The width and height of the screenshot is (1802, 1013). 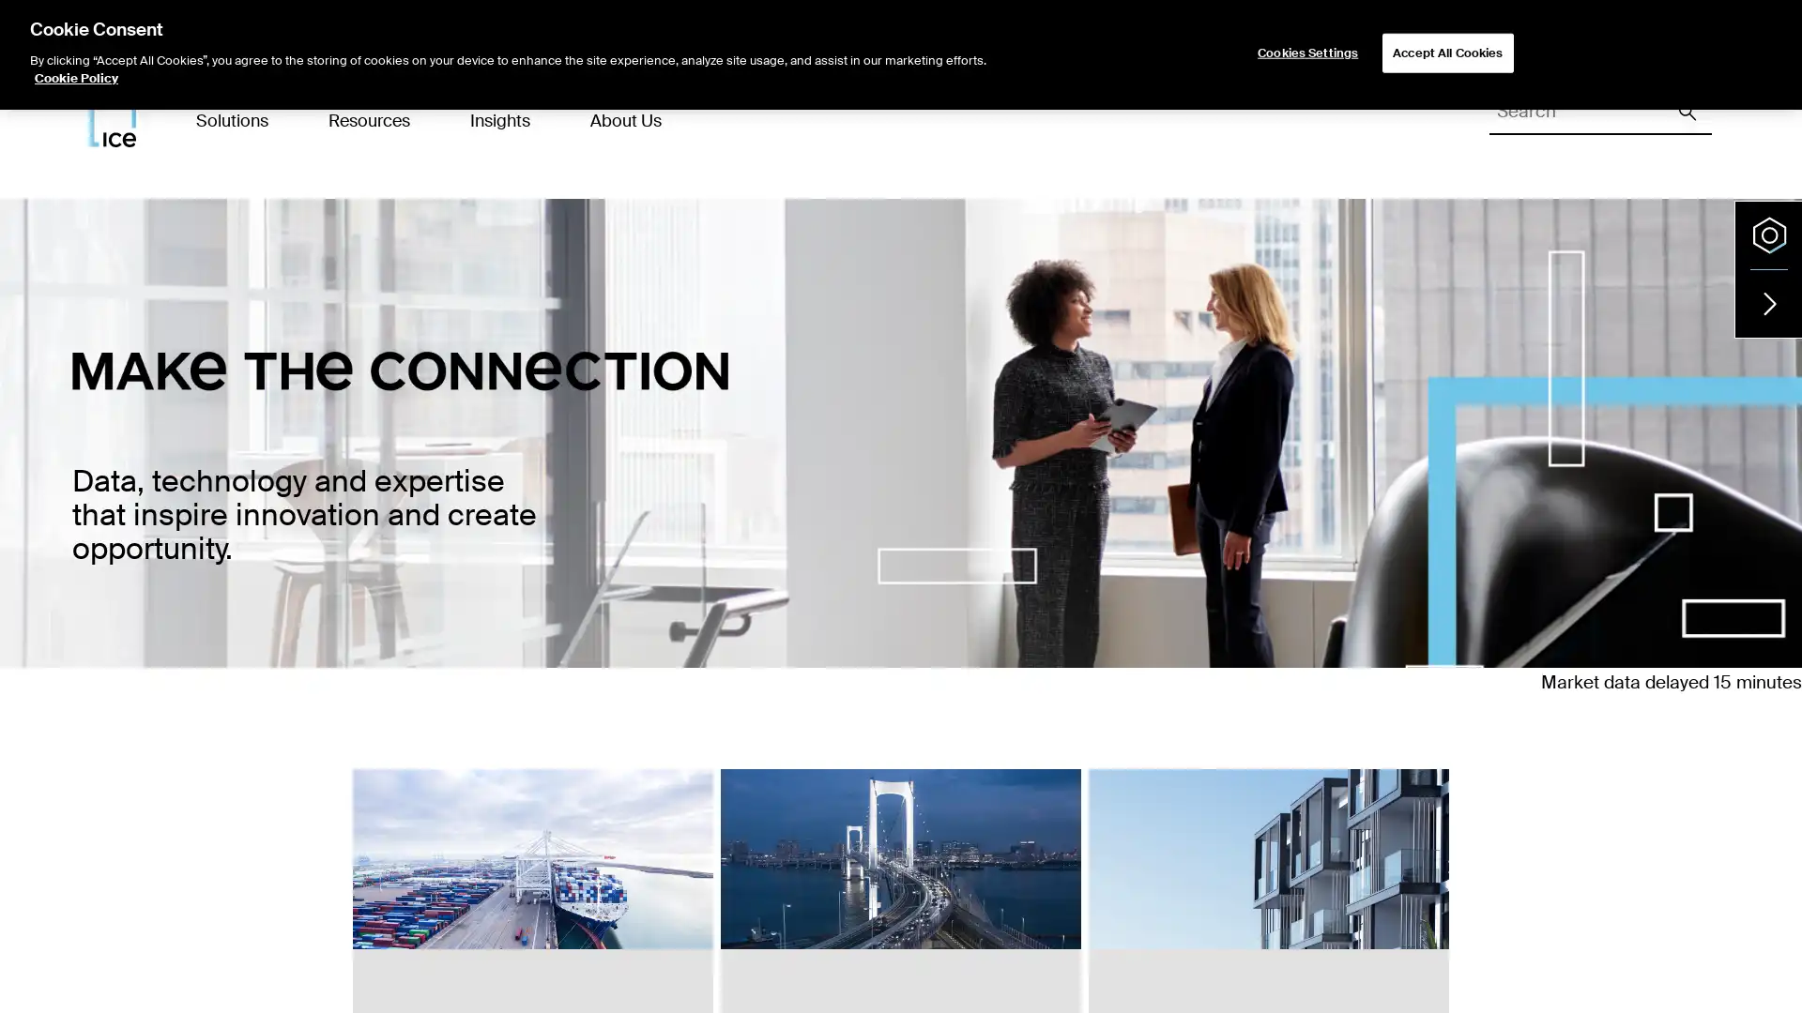 I want to click on Accept All Cookies, so click(x=1446, y=52).